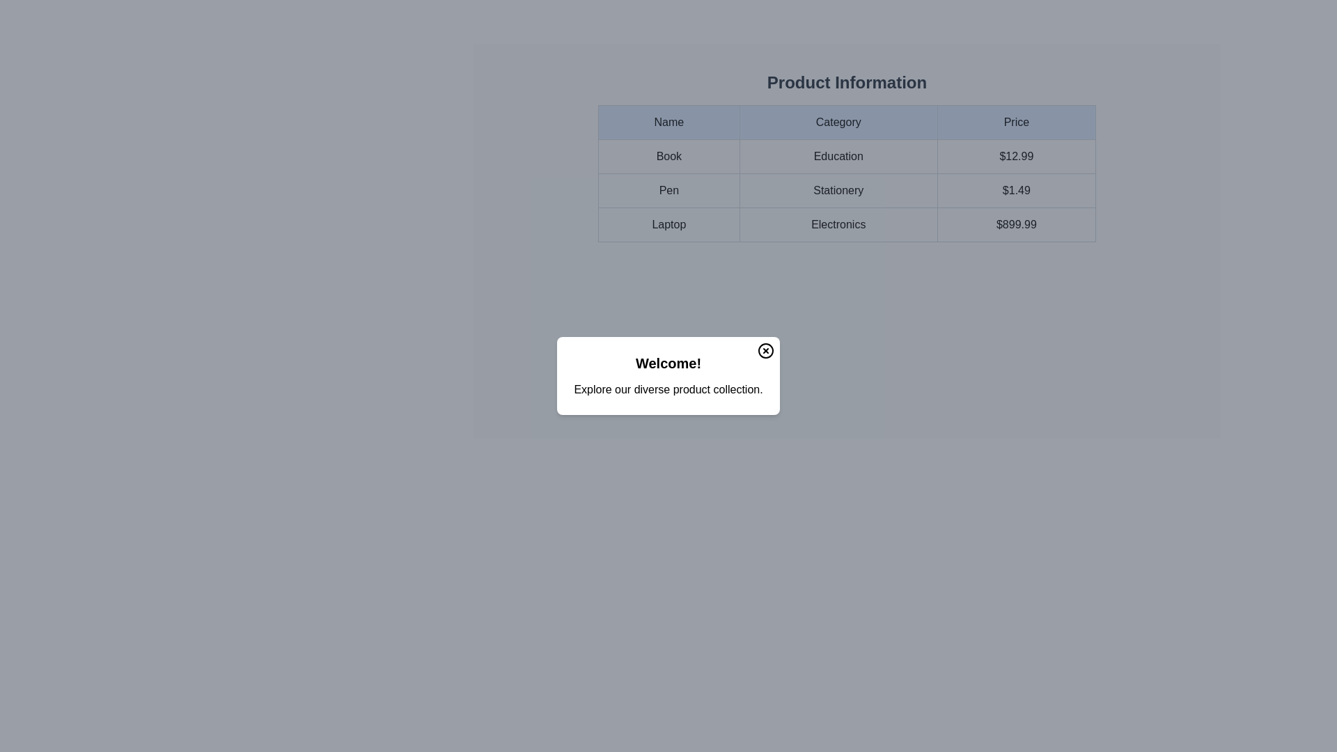  What do you see at coordinates (765, 350) in the screenshot?
I see `the circular button with a cross mark in the top-right corner of the 'Welcome!' popup` at bounding box center [765, 350].